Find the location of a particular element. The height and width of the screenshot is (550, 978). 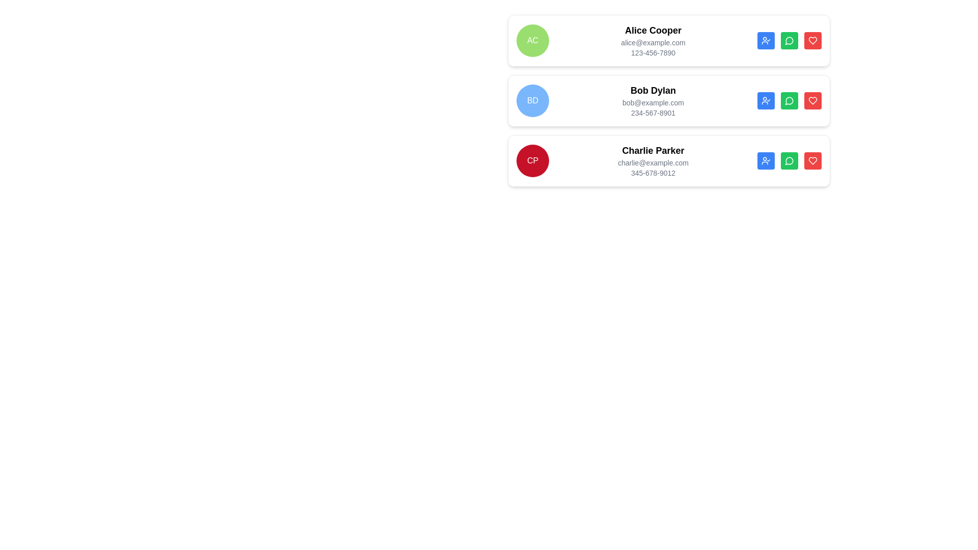

or copy the text information displayed on the user profile card, which includes details about the individual such as their name, email, and phone number. This profile card is the second in a vertical stack of three cards is located at coordinates (669, 100).